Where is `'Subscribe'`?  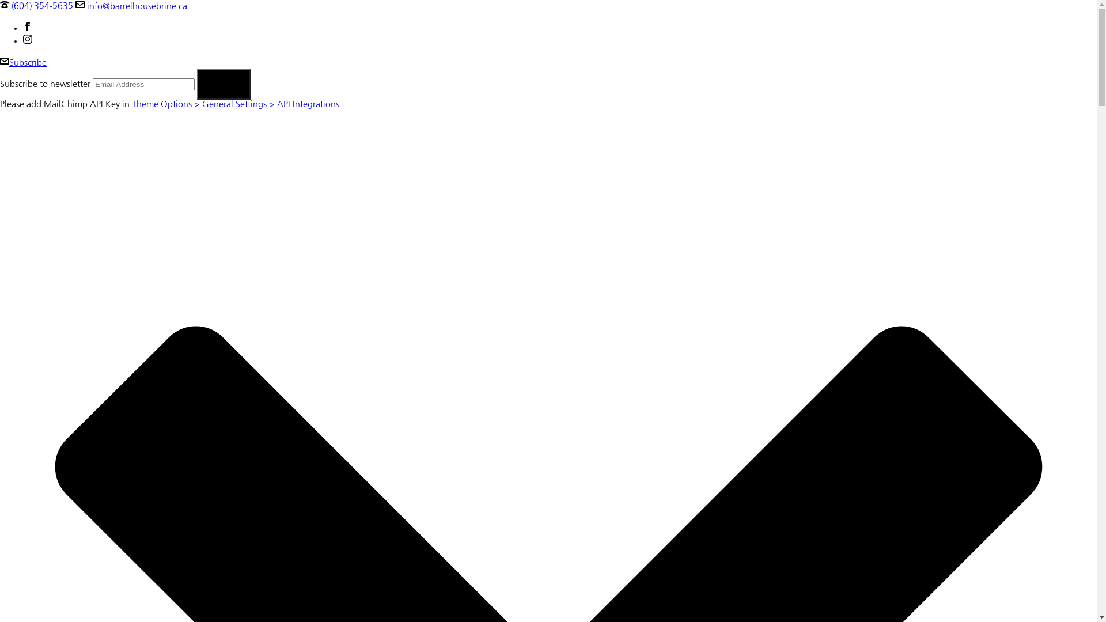
'Subscribe' is located at coordinates (23, 63).